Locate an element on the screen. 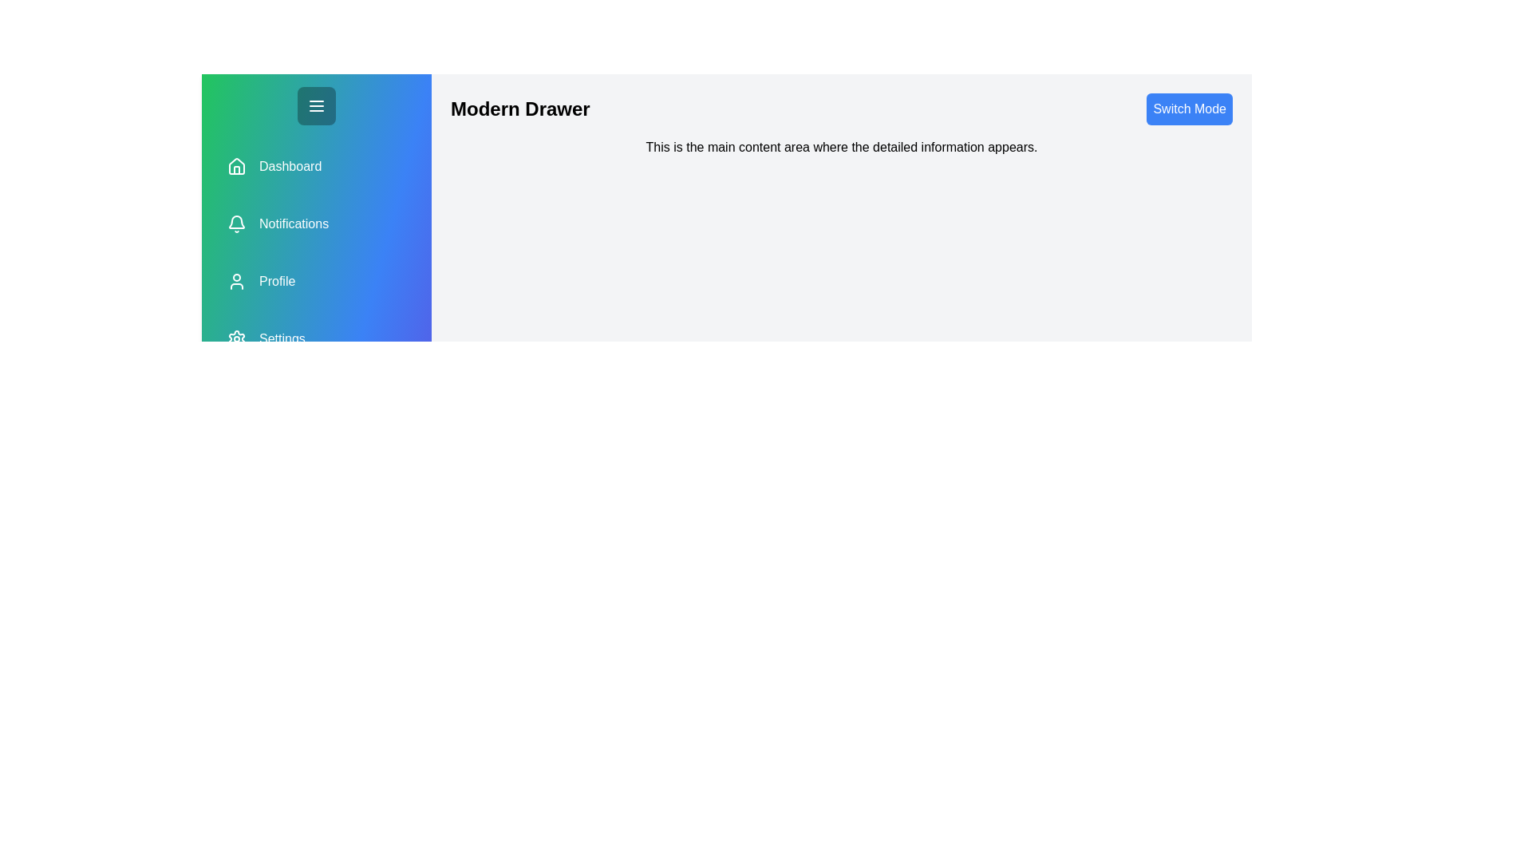 The image size is (1532, 862). the section Profile in the drawer is located at coordinates (317, 281).